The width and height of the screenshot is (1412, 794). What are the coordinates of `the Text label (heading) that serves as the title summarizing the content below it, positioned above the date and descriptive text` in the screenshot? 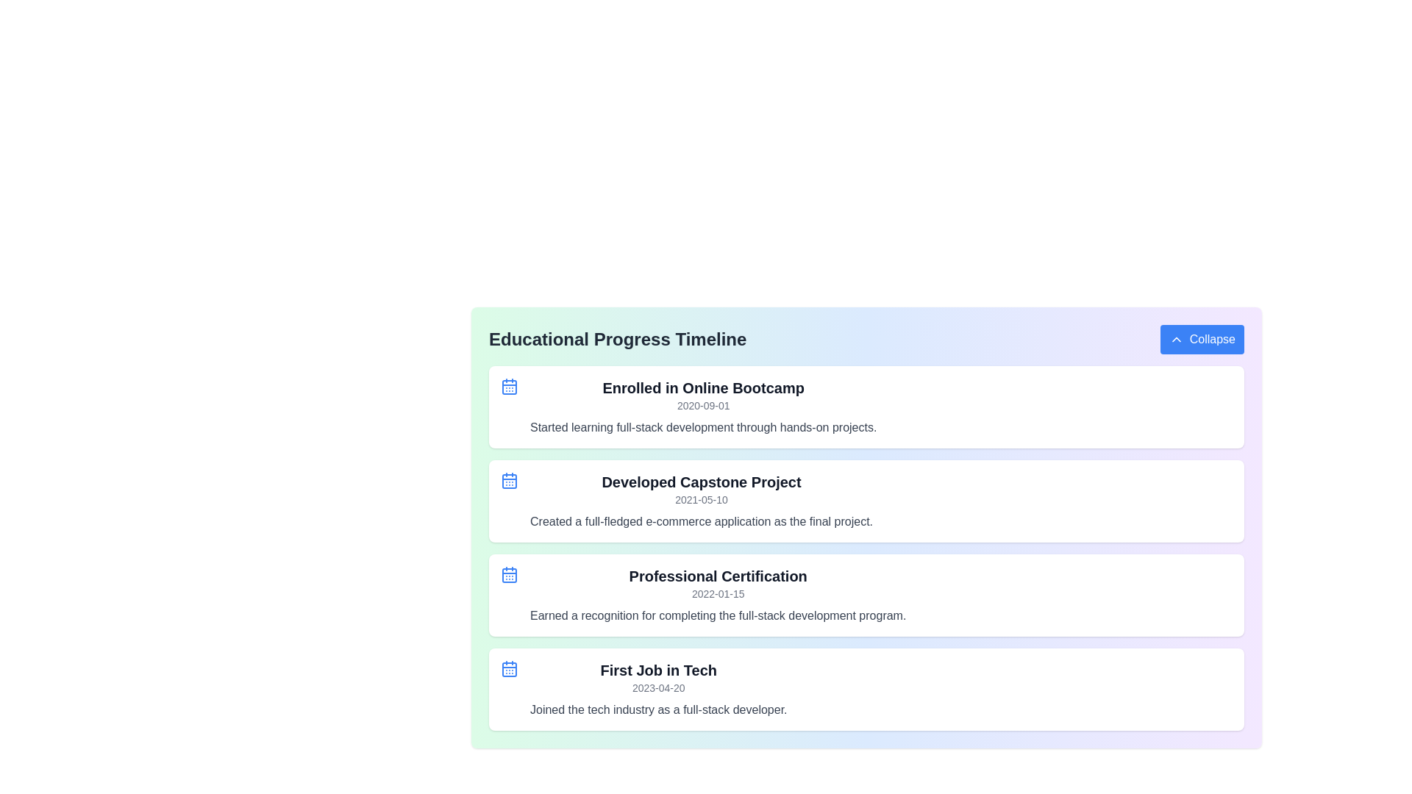 It's located at (657, 670).